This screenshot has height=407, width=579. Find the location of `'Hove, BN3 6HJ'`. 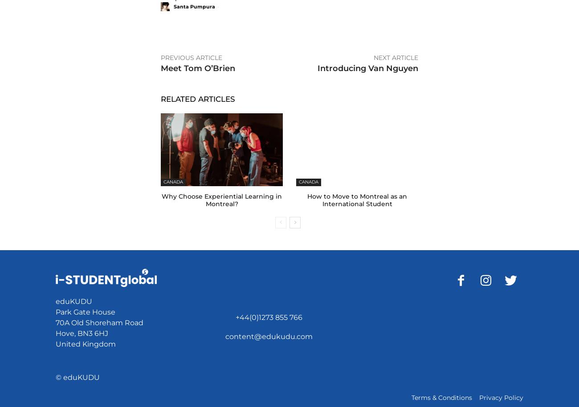

'Hove, BN3 6HJ' is located at coordinates (82, 333).